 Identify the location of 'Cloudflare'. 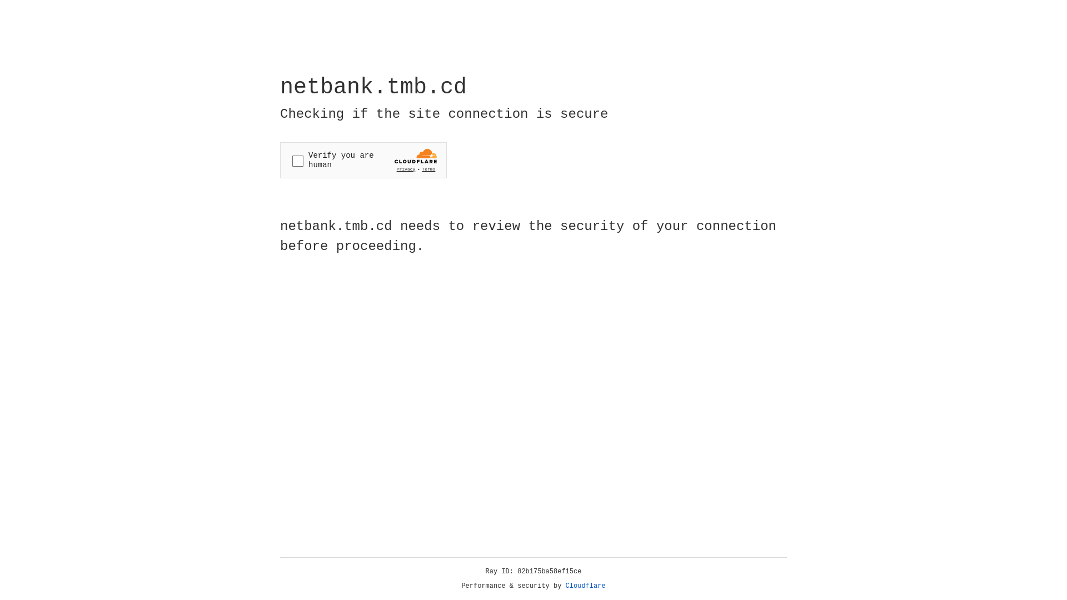
(585, 586).